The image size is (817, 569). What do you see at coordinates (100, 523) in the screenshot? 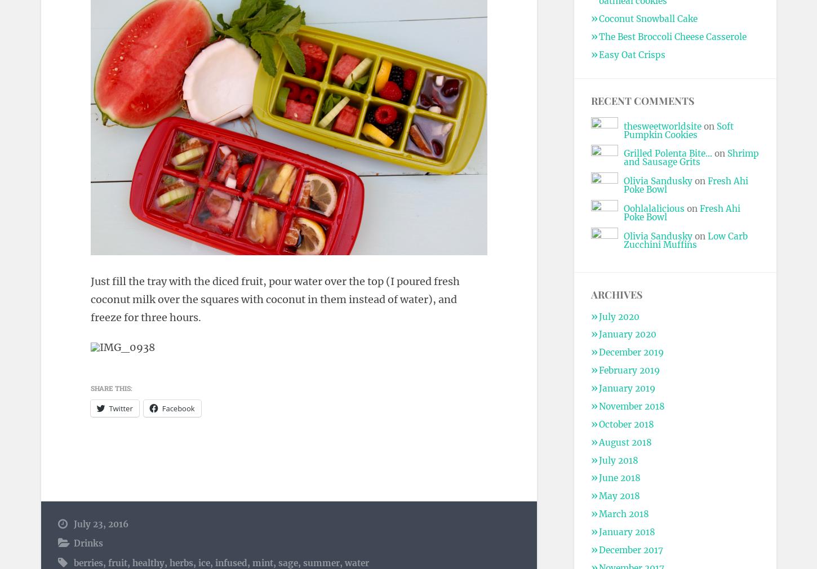
I see `'July 23, 2016'` at bounding box center [100, 523].